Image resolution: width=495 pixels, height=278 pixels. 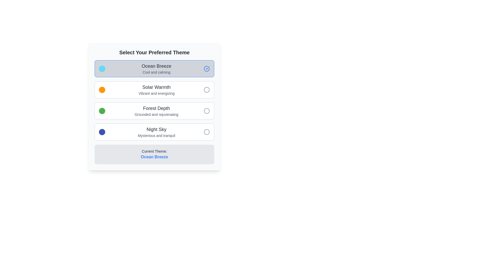 I want to click on the unselected radio button indicator for the 'Night Sky' theme located at the far right end of the fourth theme option, so click(x=207, y=132).